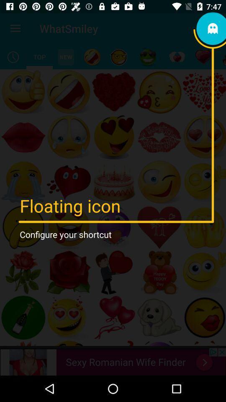  What do you see at coordinates (92, 57) in the screenshot?
I see `the item below whatsmiley` at bounding box center [92, 57].